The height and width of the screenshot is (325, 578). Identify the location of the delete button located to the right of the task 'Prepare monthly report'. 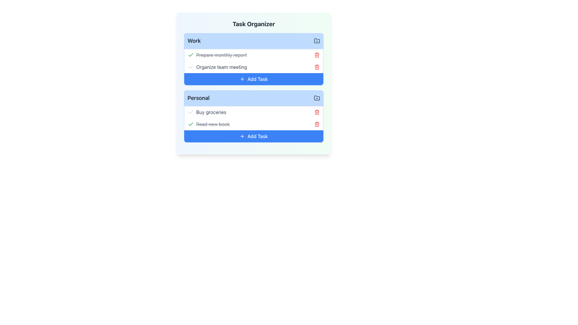
(316, 55).